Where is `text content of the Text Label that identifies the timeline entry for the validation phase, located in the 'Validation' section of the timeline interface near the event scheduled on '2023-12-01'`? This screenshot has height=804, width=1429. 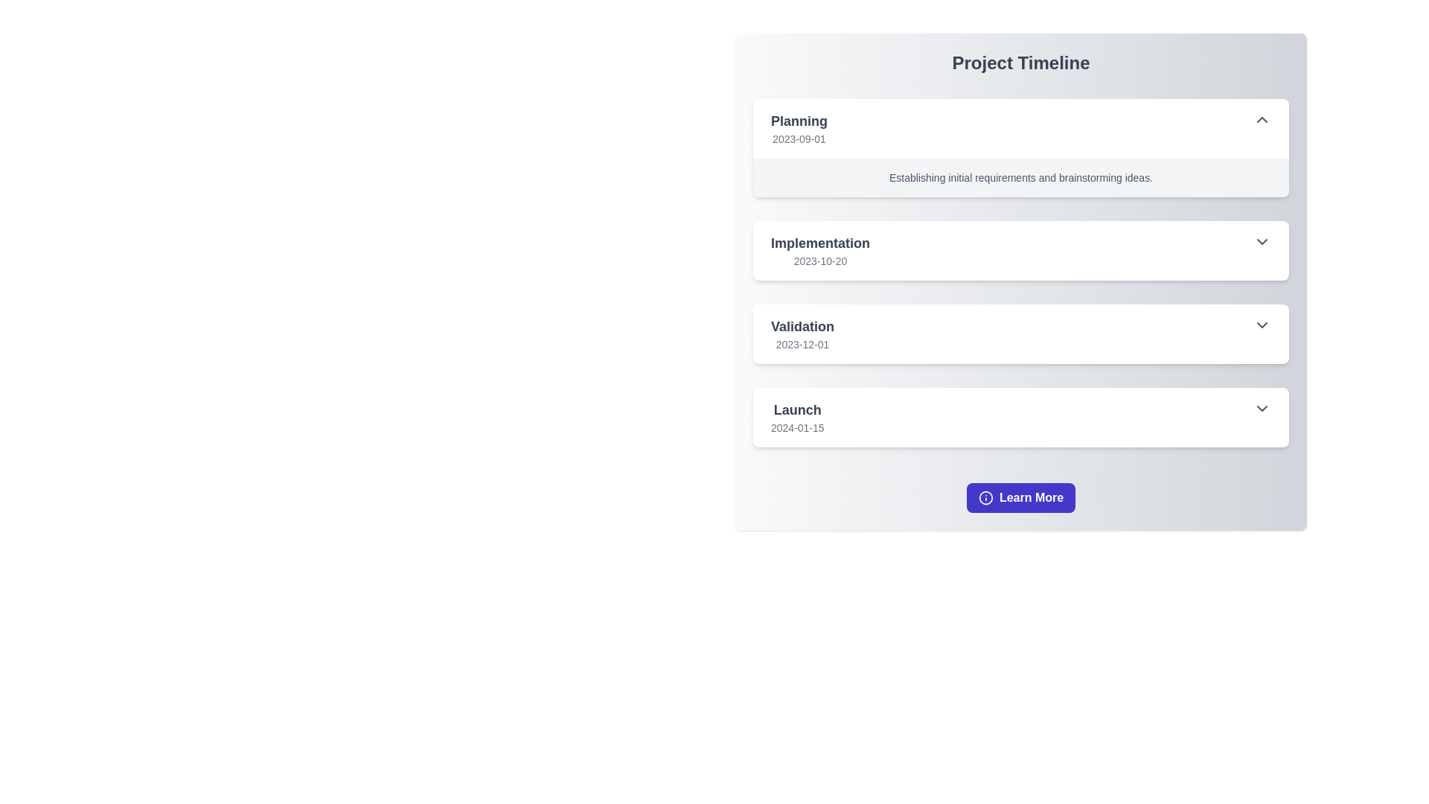
text content of the Text Label that identifies the timeline entry for the validation phase, located in the 'Validation' section of the timeline interface near the event scheduled on '2023-12-01' is located at coordinates (802, 326).